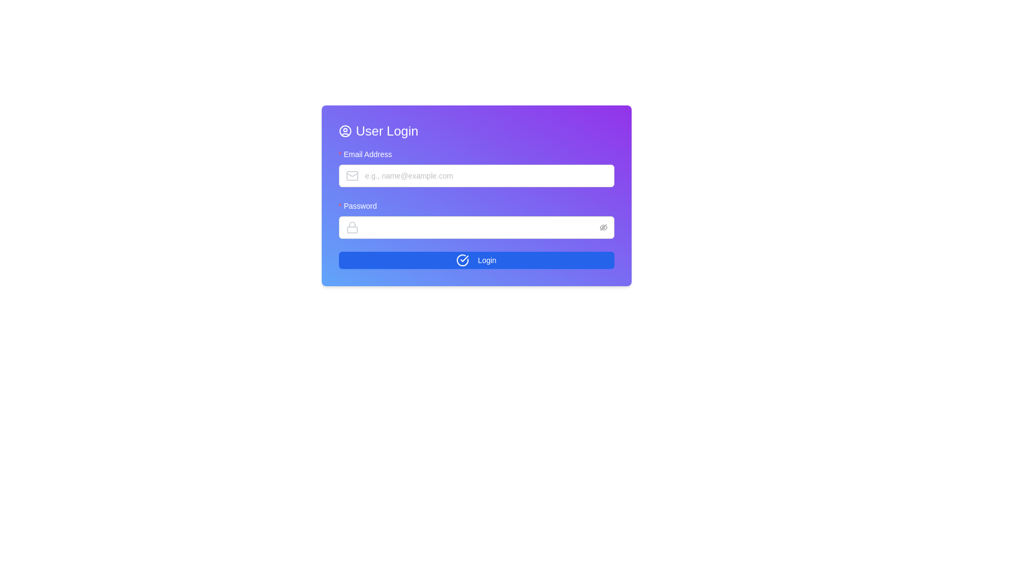  Describe the element at coordinates (476, 260) in the screenshot. I see `the 'Login' button with a primary blue background and white text, located at the bottom of the login form` at that location.